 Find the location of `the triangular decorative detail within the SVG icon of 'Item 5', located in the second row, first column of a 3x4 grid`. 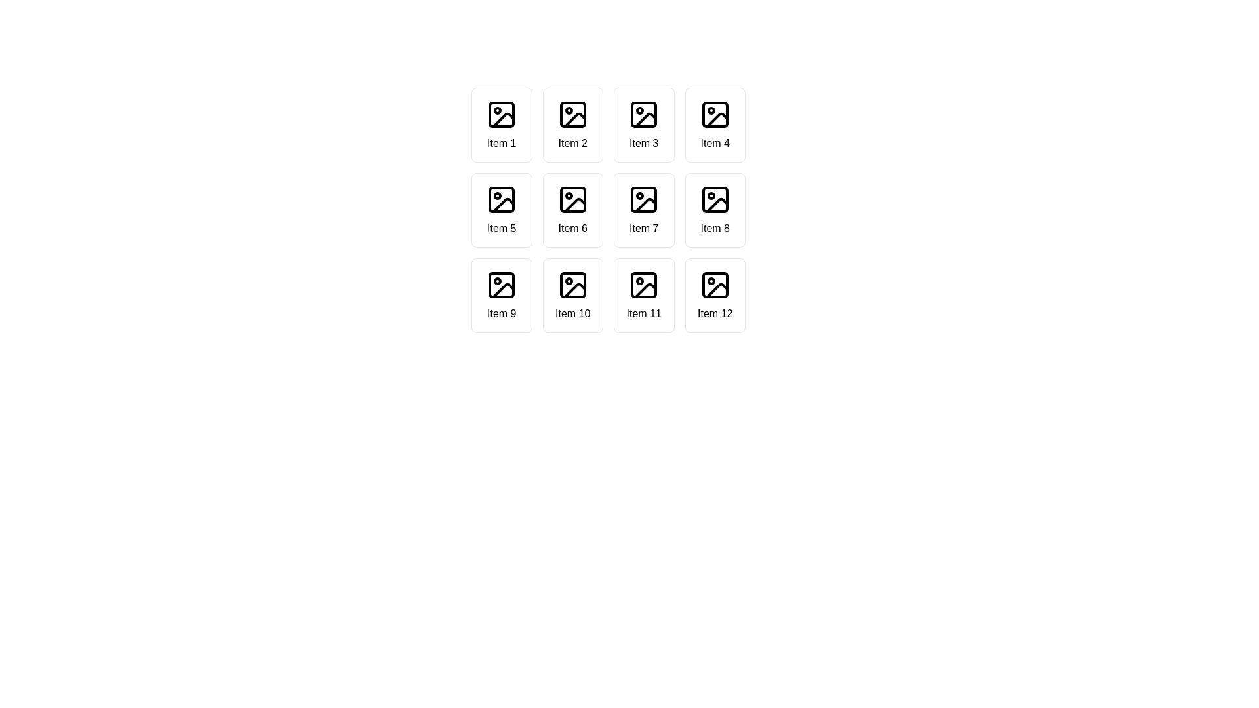

the triangular decorative detail within the SVG icon of 'Item 5', located in the second row, first column of a 3x4 grid is located at coordinates (503, 205).